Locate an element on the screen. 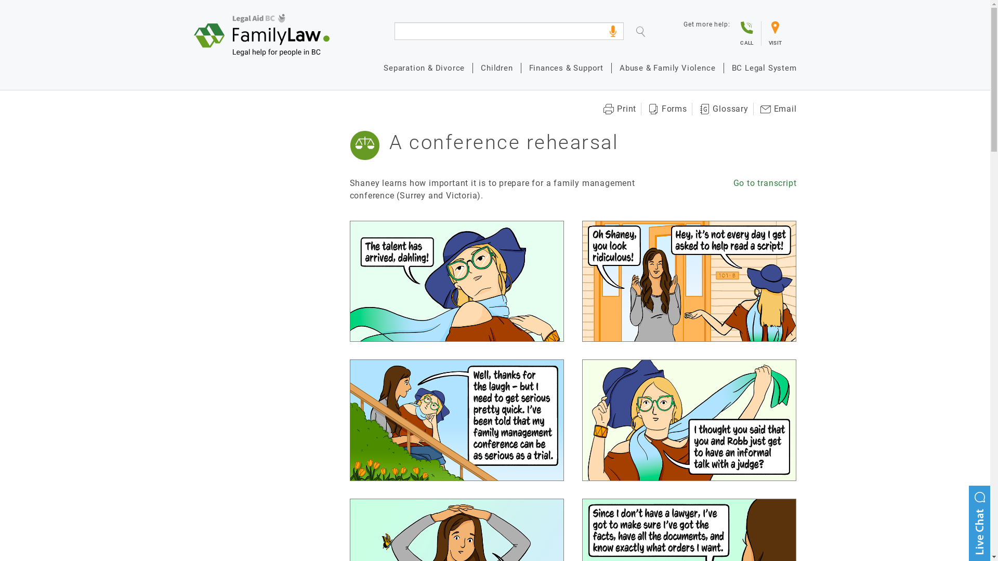  'Print' is located at coordinates (620, 109).